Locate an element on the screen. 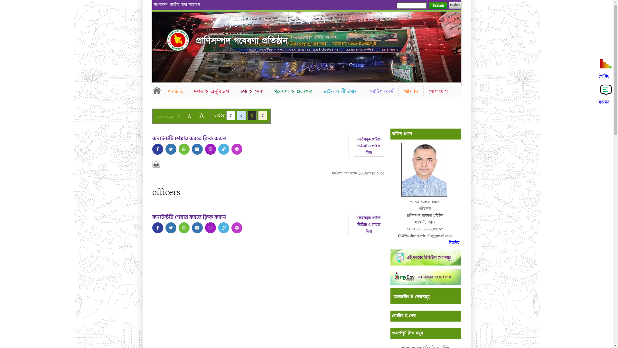  'C' is located at coordinates (251, 115).